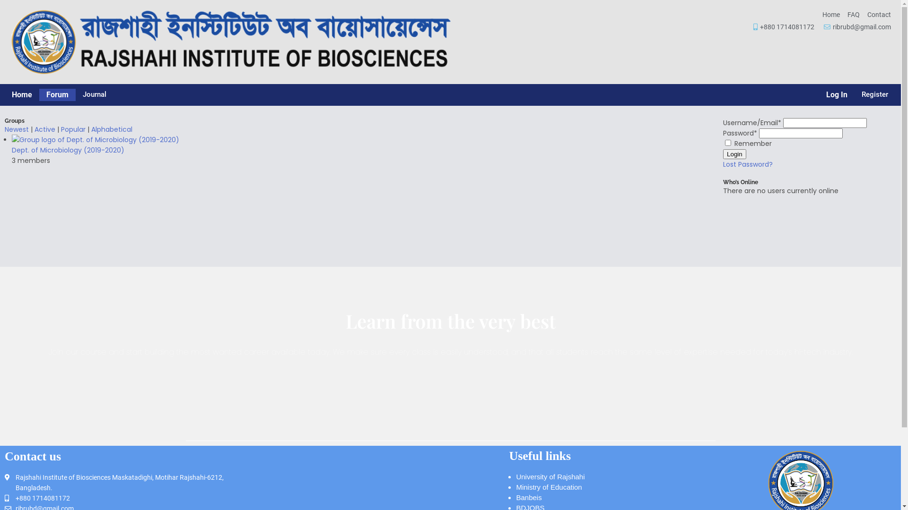  Describe the element at coordinates (112, 129) in the screenshot. I see `'Alphabetical'` at that location.